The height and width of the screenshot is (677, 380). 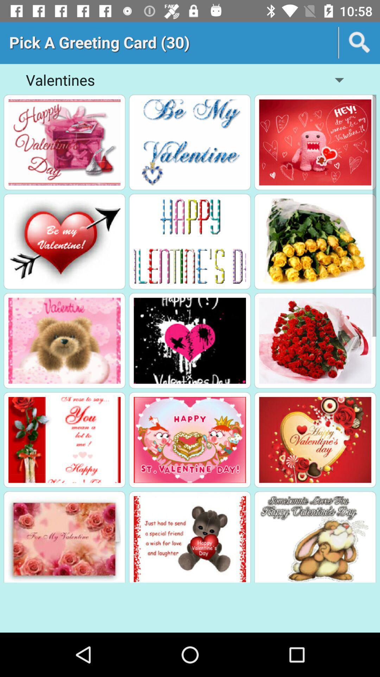 What do you see at coordinates (189, 142) in the screenshot?
I see `shows greeting card` at bounding box center [189, 142].